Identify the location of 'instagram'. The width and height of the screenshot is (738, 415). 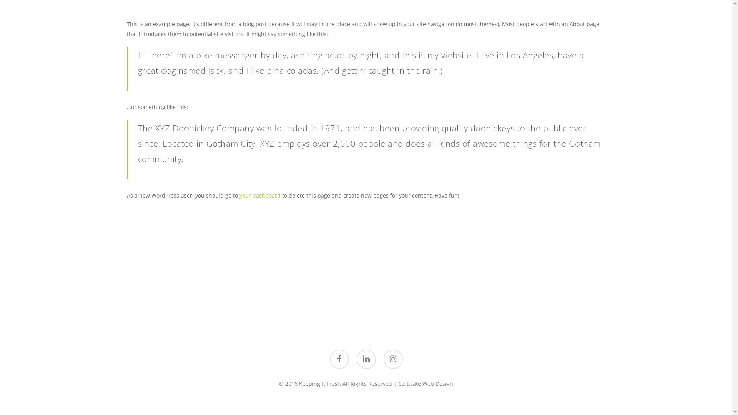
(393, 359).